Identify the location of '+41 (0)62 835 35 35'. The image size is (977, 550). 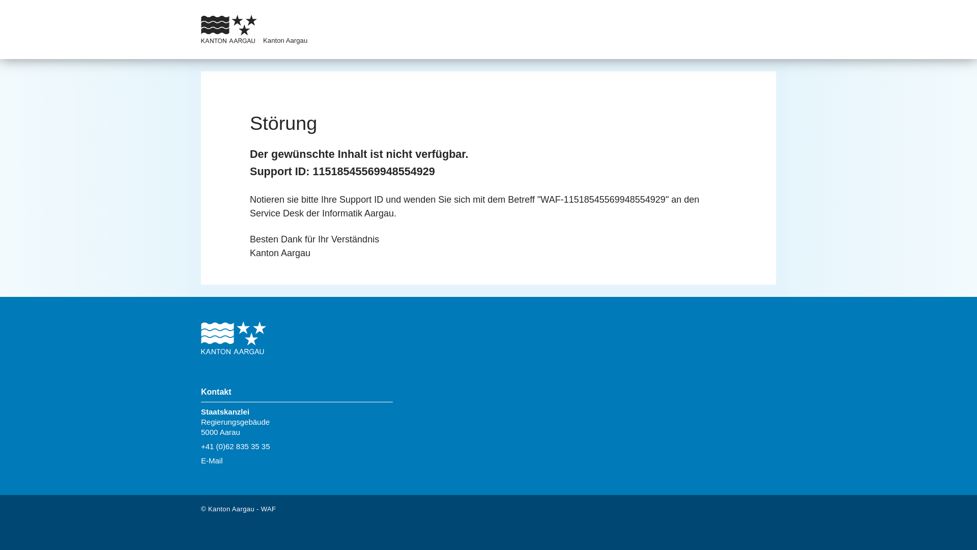
(235, 446).